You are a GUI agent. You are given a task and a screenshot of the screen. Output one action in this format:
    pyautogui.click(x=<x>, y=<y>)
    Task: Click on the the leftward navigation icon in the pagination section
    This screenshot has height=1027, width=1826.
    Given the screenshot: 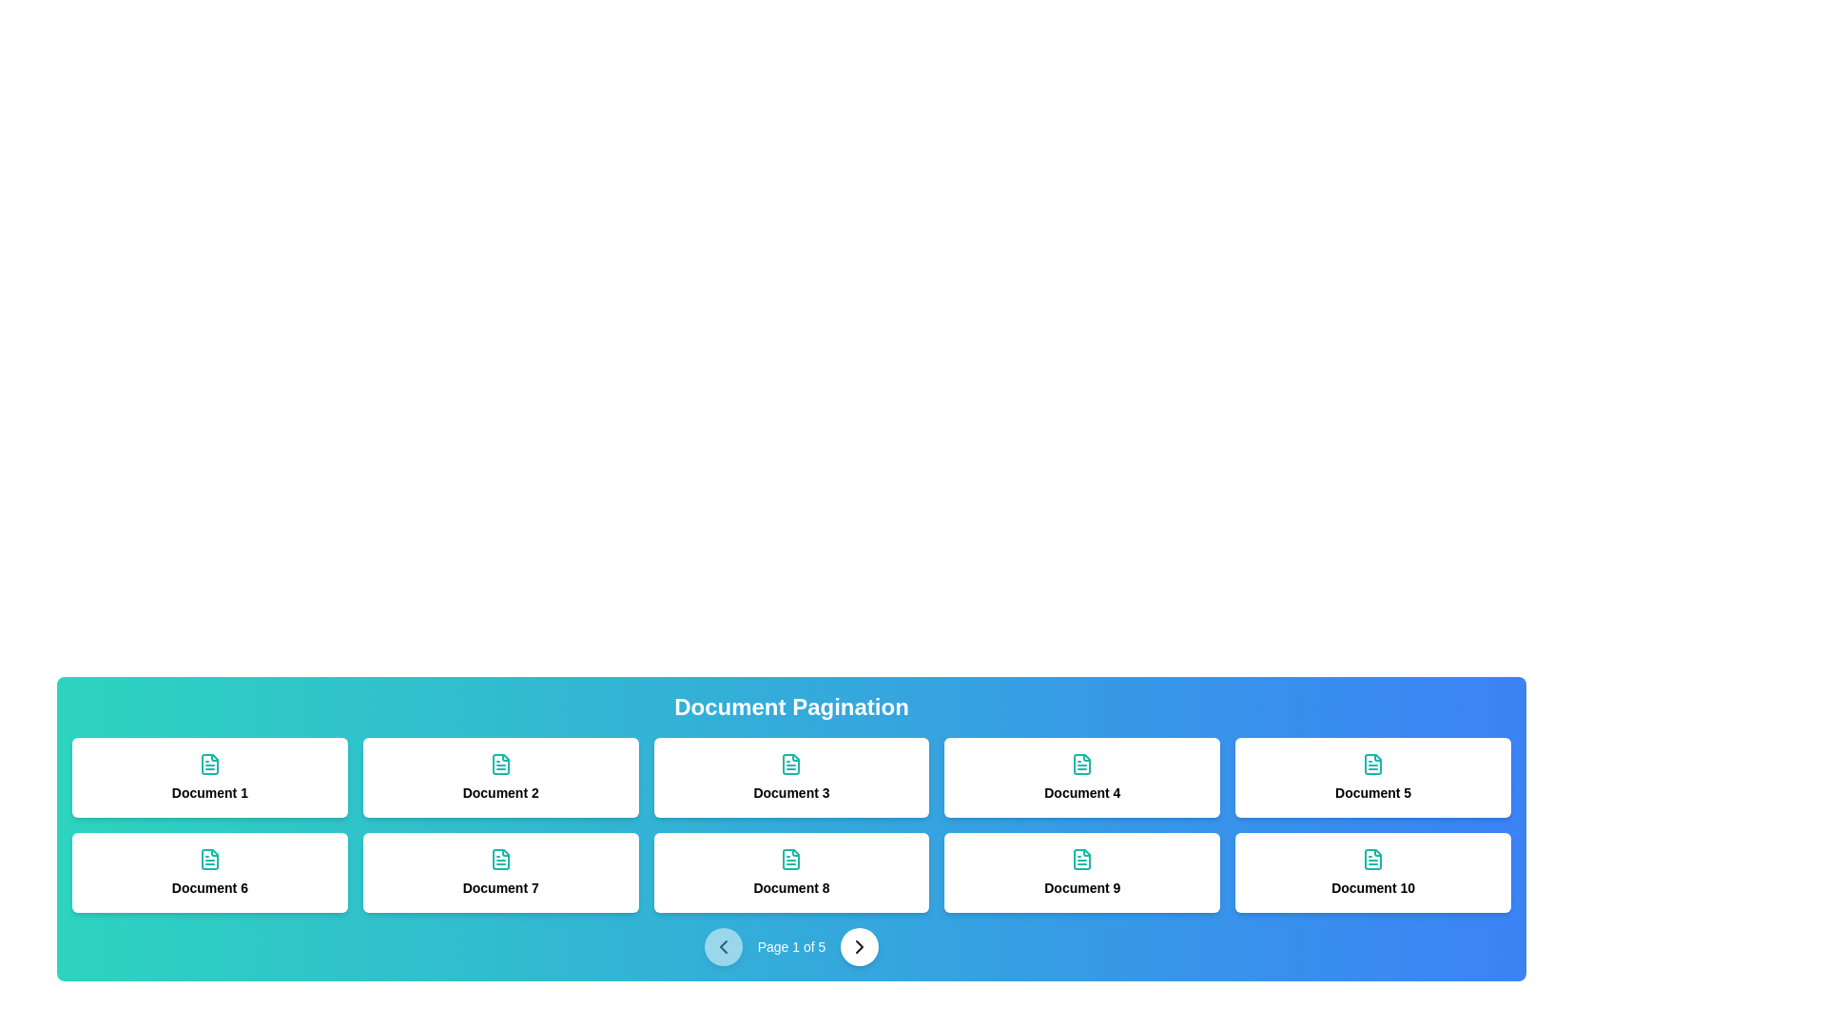 What is the action you would take?
    pyautogui.click(x=722, y=946)
    